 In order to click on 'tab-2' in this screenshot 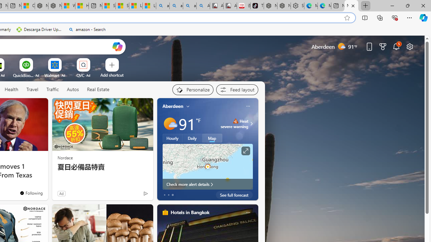, I will do `click(172, 195)`.